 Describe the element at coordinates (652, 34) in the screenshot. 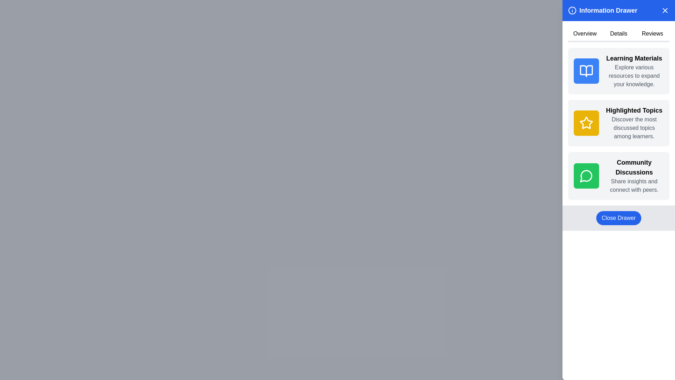

I see `the third navigation tab in the horizontal navigation bar` at that location.